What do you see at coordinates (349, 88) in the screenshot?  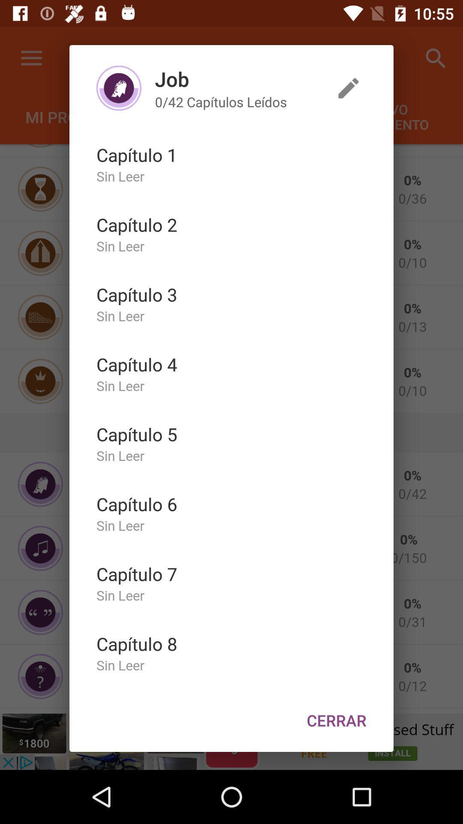 I see `edit these fields` at bounding box center [349, 88].